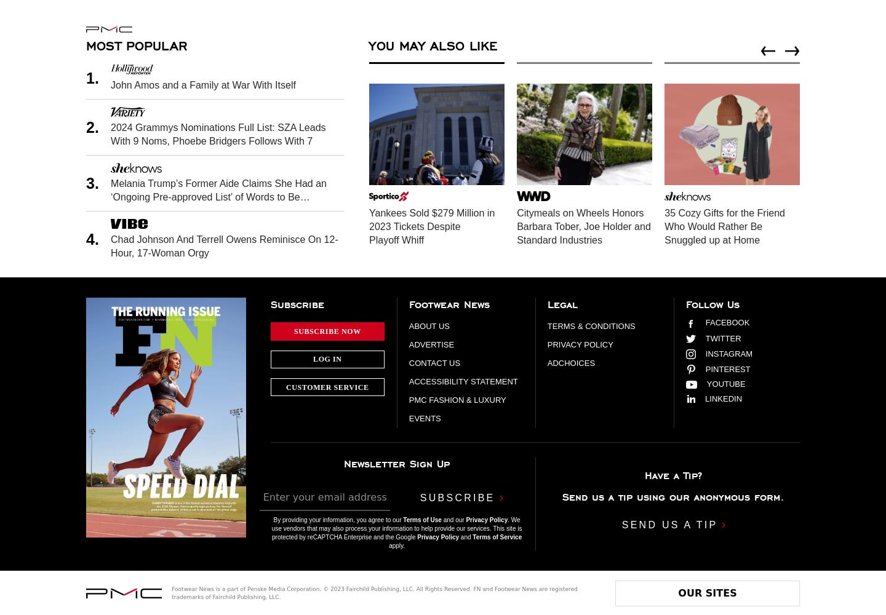 Image resolution: width=886 pixels, height=615 pixels. Describe the element at coordinates (92, 127) in the screenshot. I see `'2.'` at that location.